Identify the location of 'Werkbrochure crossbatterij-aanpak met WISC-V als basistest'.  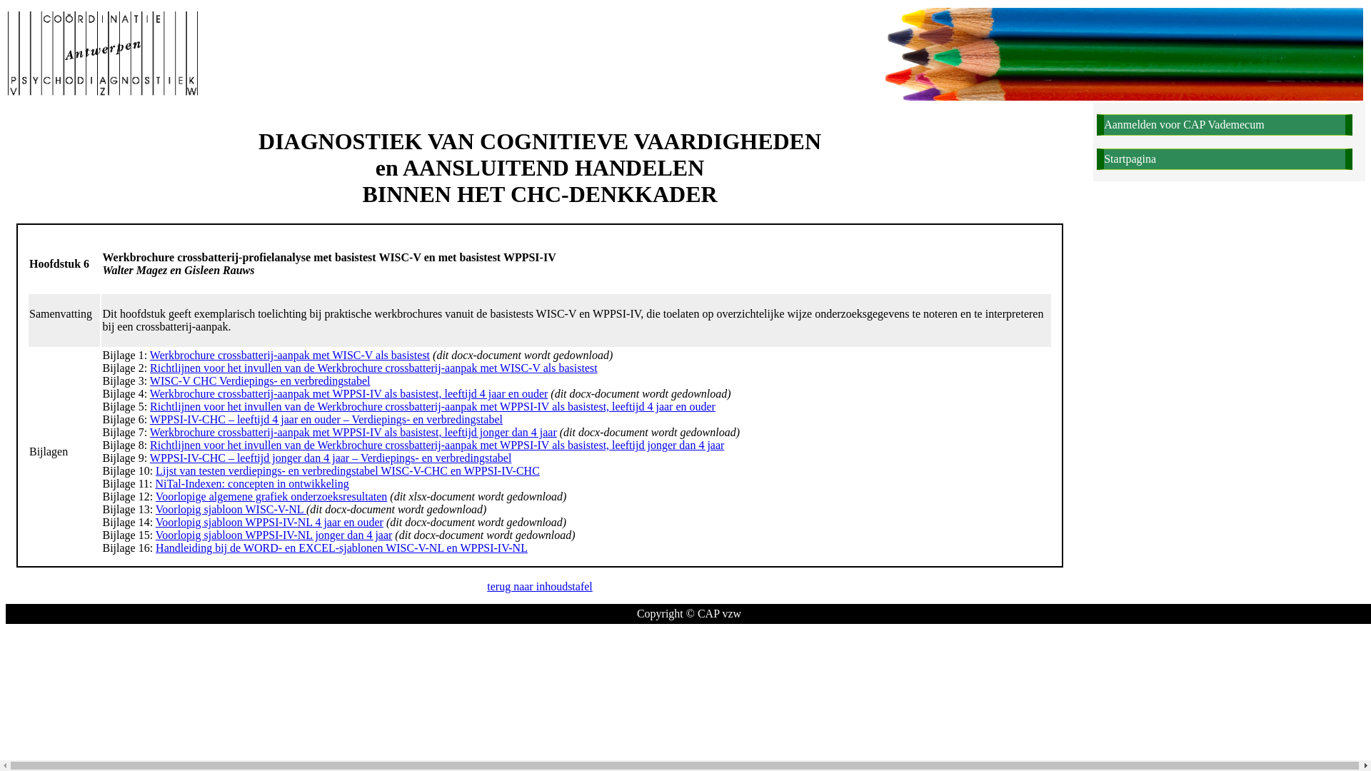
(289, 354).